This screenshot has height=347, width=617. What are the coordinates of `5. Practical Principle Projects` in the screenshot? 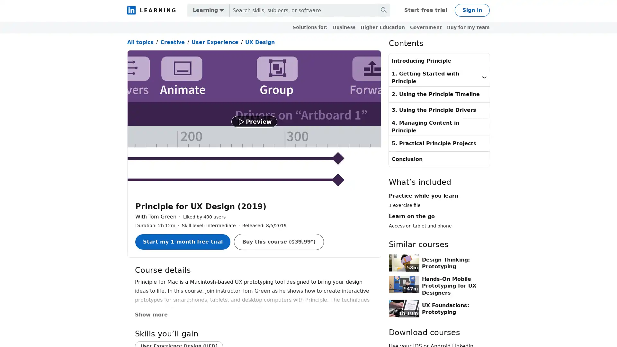 It's located at (439, 143).